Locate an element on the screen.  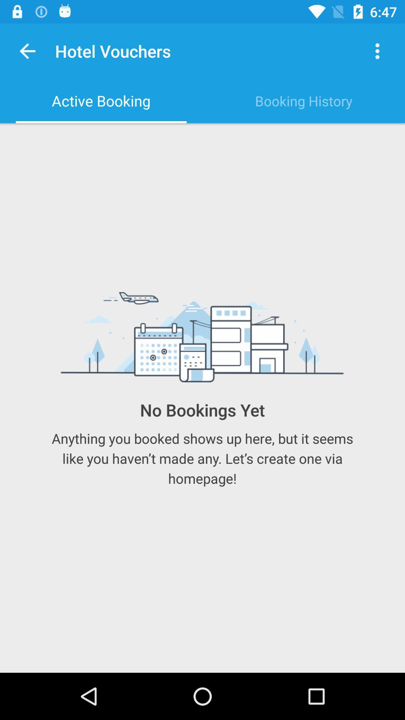
the icon above the booking history item is located at coordinates (377, 51).